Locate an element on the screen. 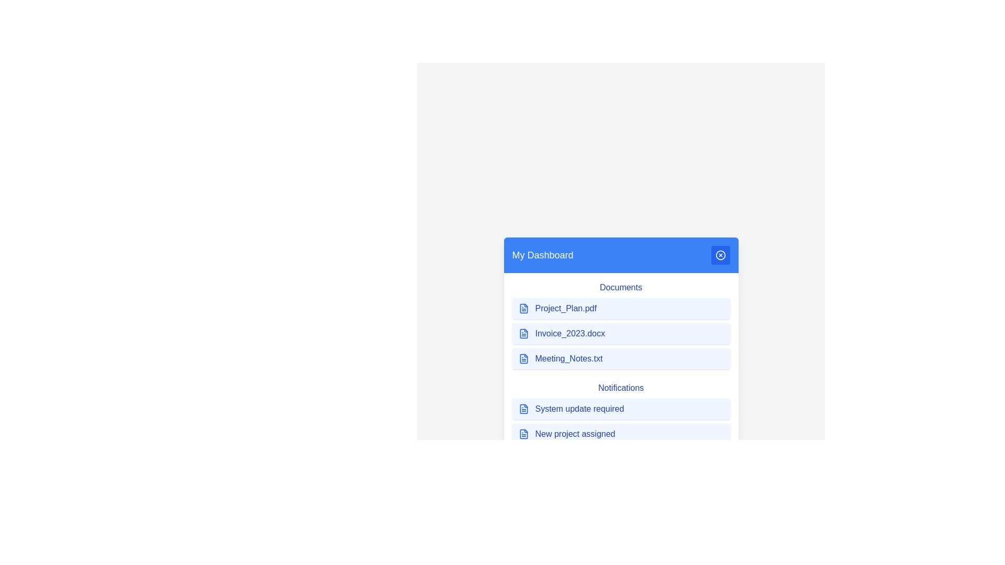  the item Invoice_2023.docx in the menu to highlight it is located at coordinates (621, 333).